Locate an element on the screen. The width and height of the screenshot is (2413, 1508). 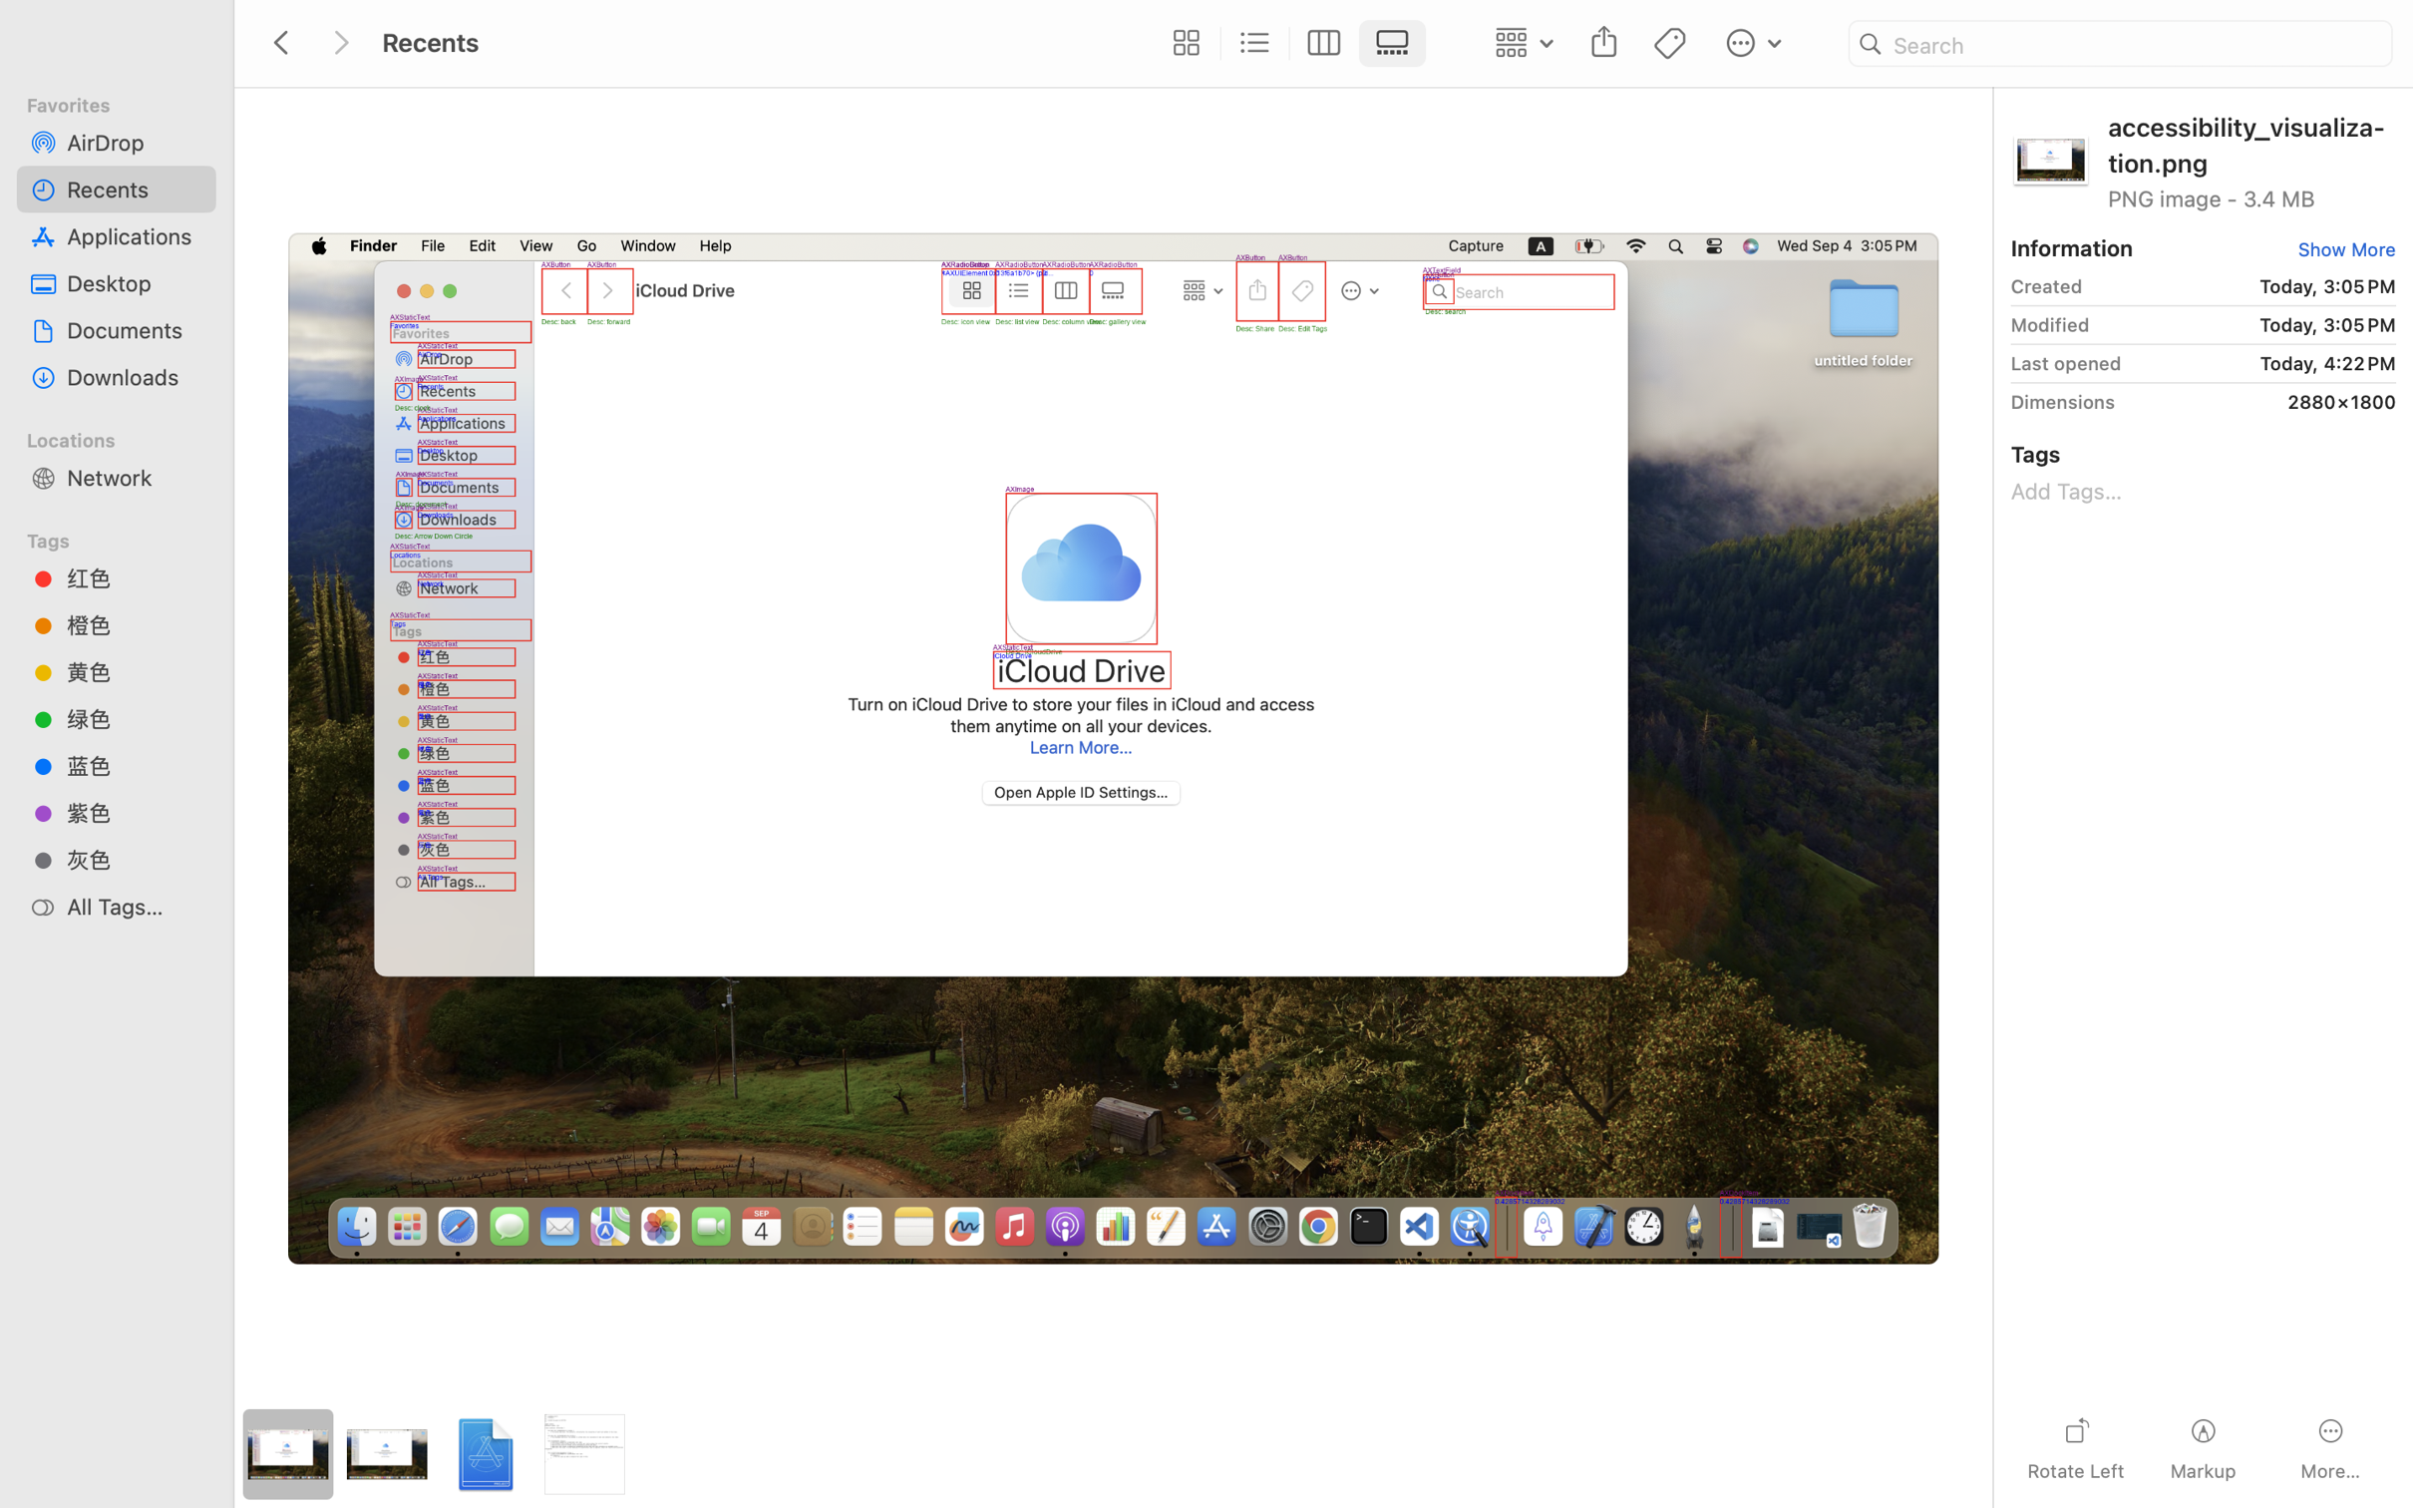
'Network' is located at coordinates (134, 477).